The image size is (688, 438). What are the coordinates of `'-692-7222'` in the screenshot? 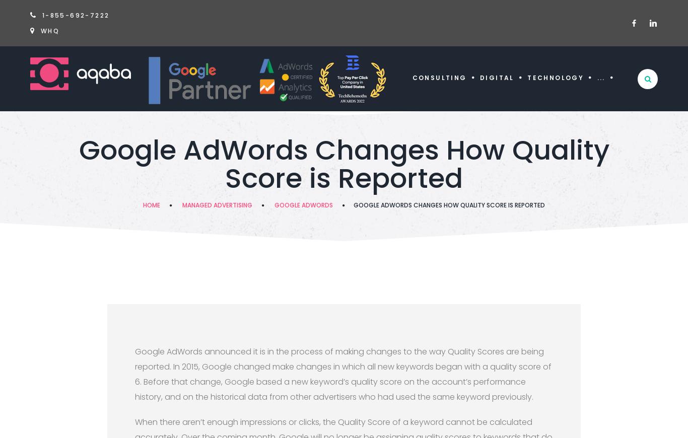 It's located at (86, 15).